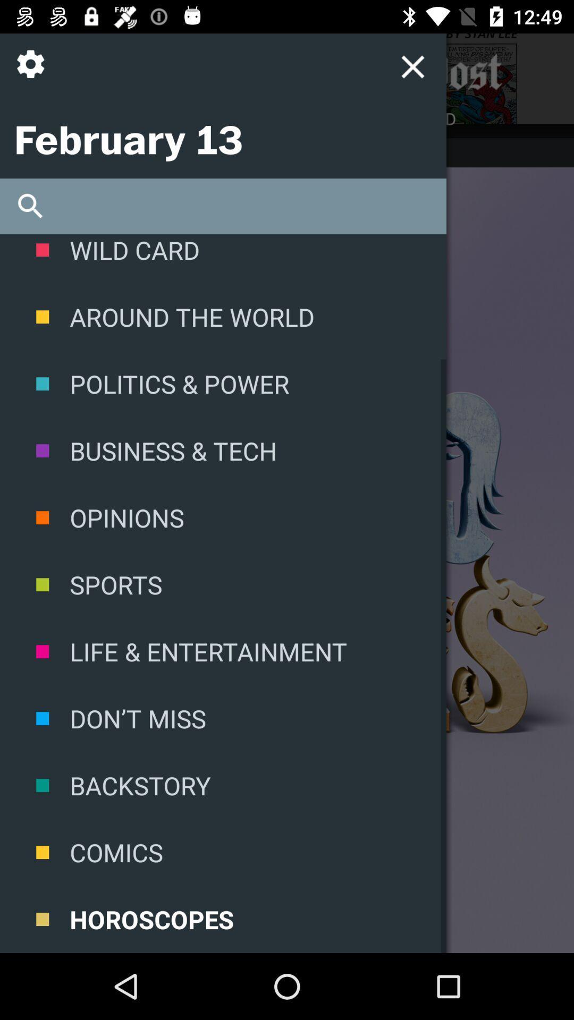 Image resolution: width=574 pixels, height=1020 pixels. Describe the element at coordinates (223, 651) in the screenshot. I see `the life & entertainment icon` at that location.